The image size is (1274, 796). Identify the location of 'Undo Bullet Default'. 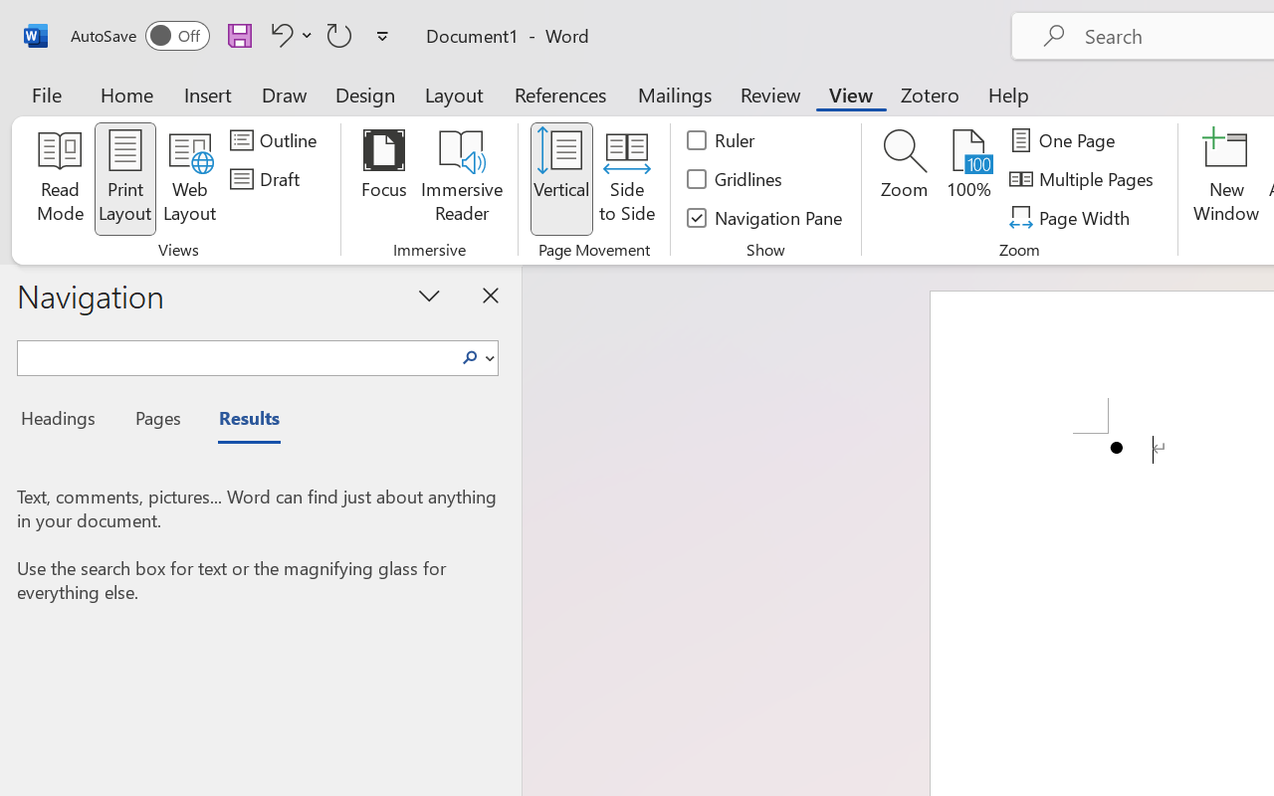
(288, 34).